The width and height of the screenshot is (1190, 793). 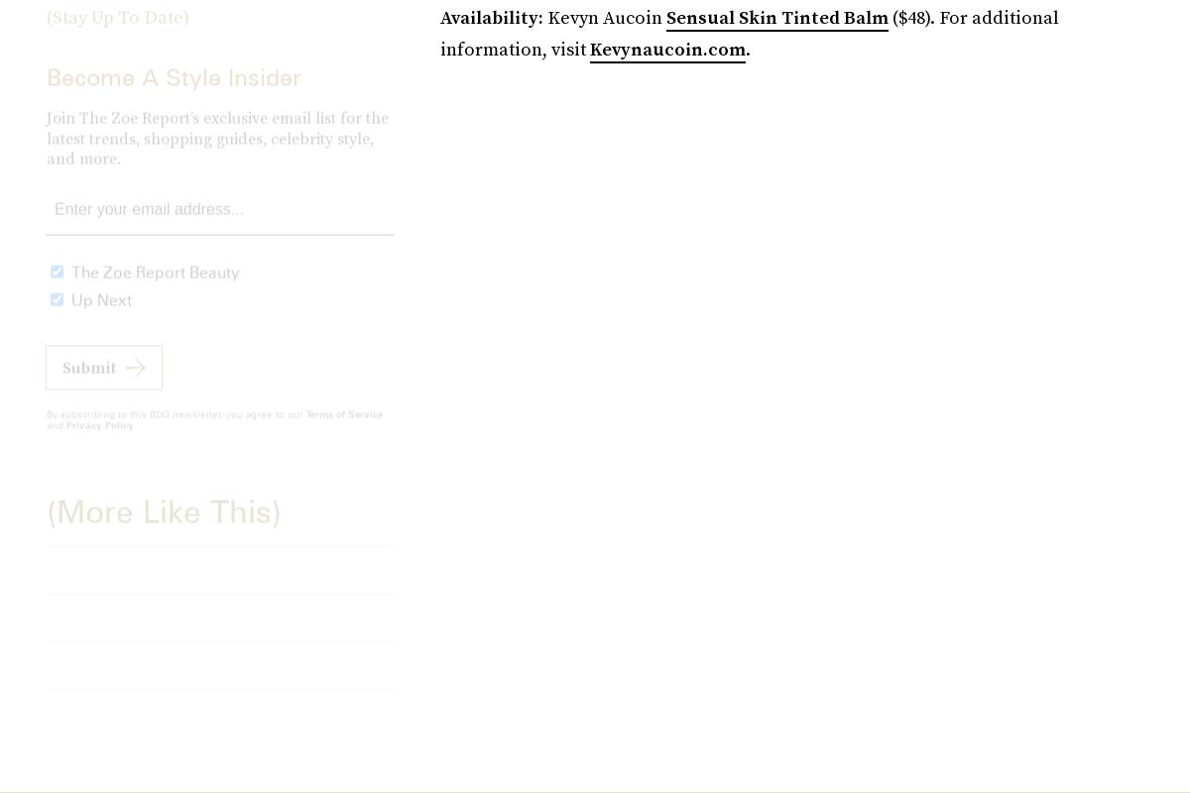 What do you see at coordinates (747, 48) in the screenshot?
I see `'.'` at bounding box center [747, 48].